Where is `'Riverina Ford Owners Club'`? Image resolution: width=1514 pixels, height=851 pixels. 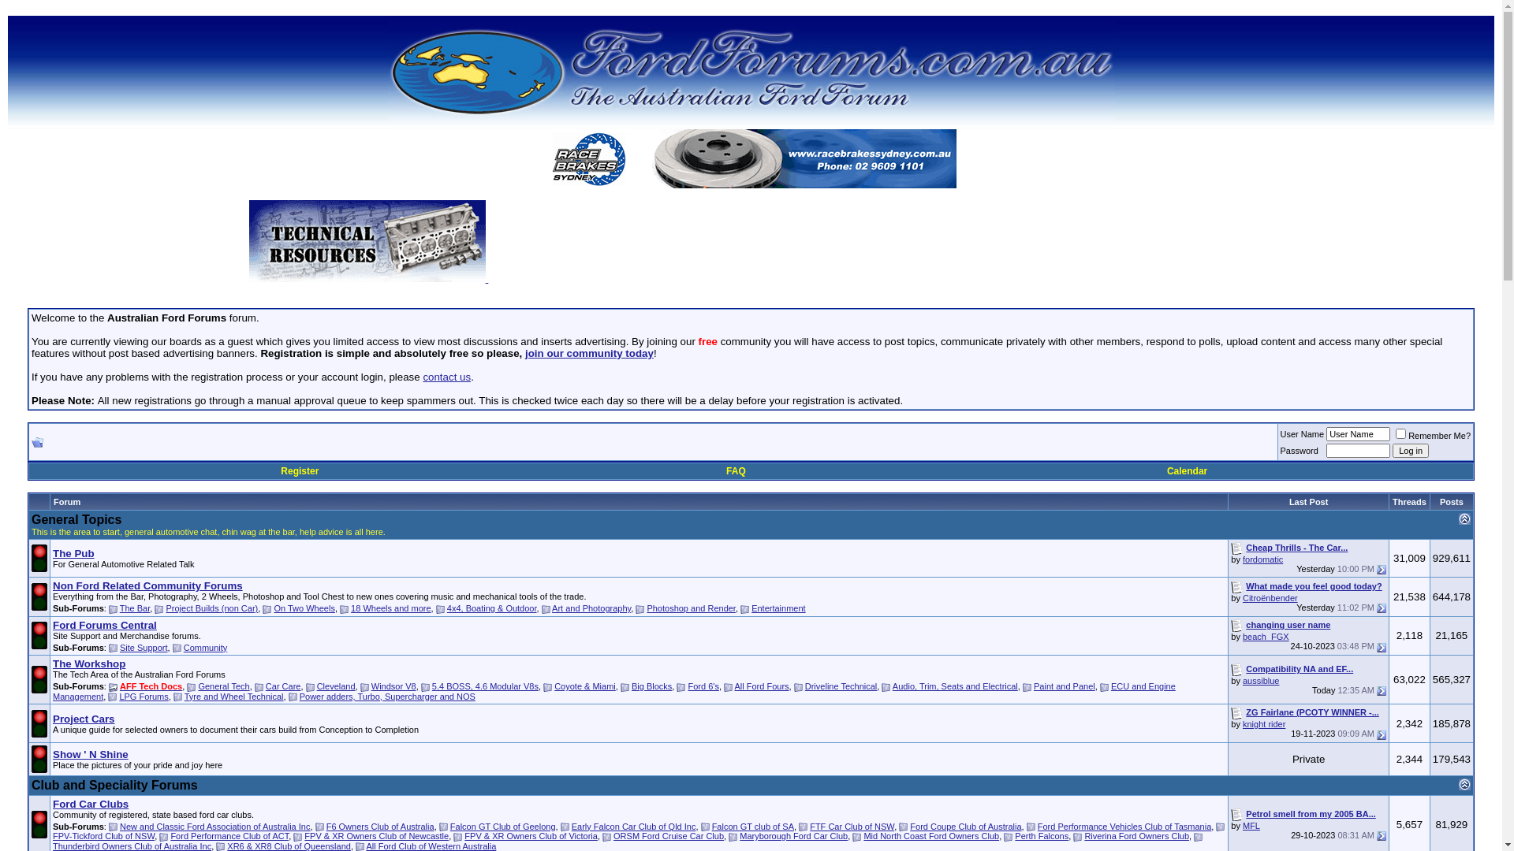
'Riverina Ford Owners Club' is located at coordinates (1136, 834).